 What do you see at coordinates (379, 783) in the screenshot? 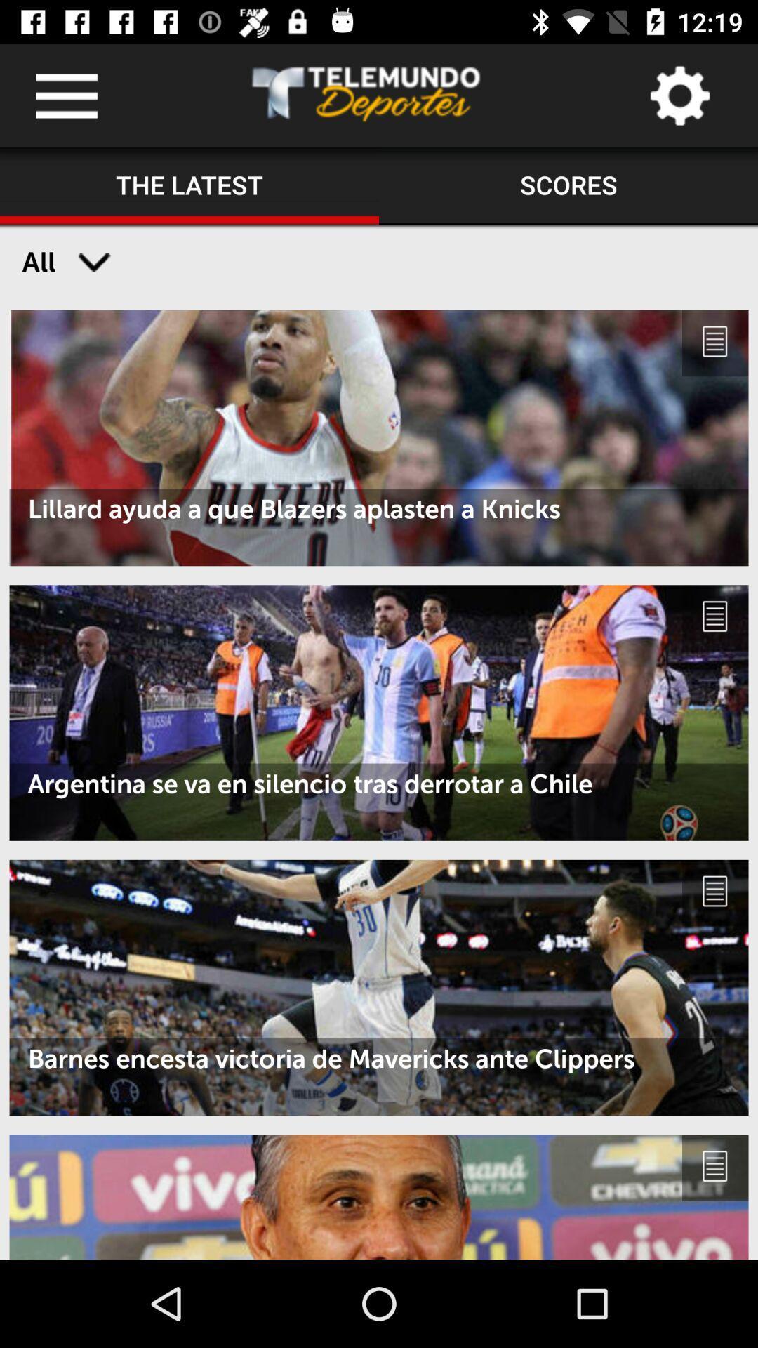
I see `argentina se va icon` at bounding box center [379, 783].